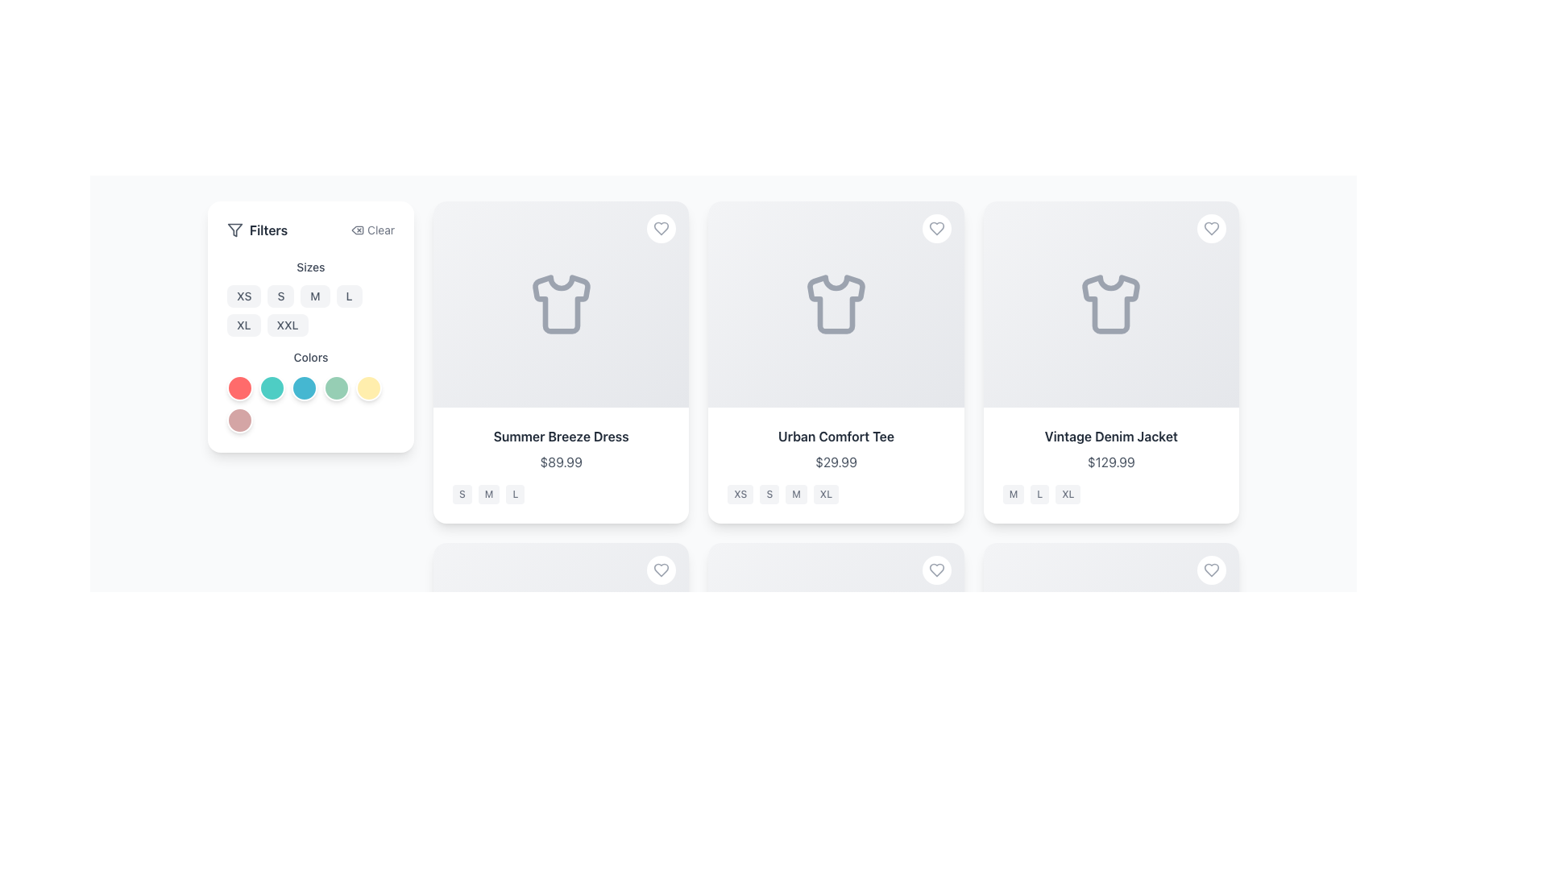  Describe the element at coordinates (315, 296) in the screenshot. I see `the 'M' button with rounded corners located in the 'Sizes' section under the 'Filters' heading` at that location.